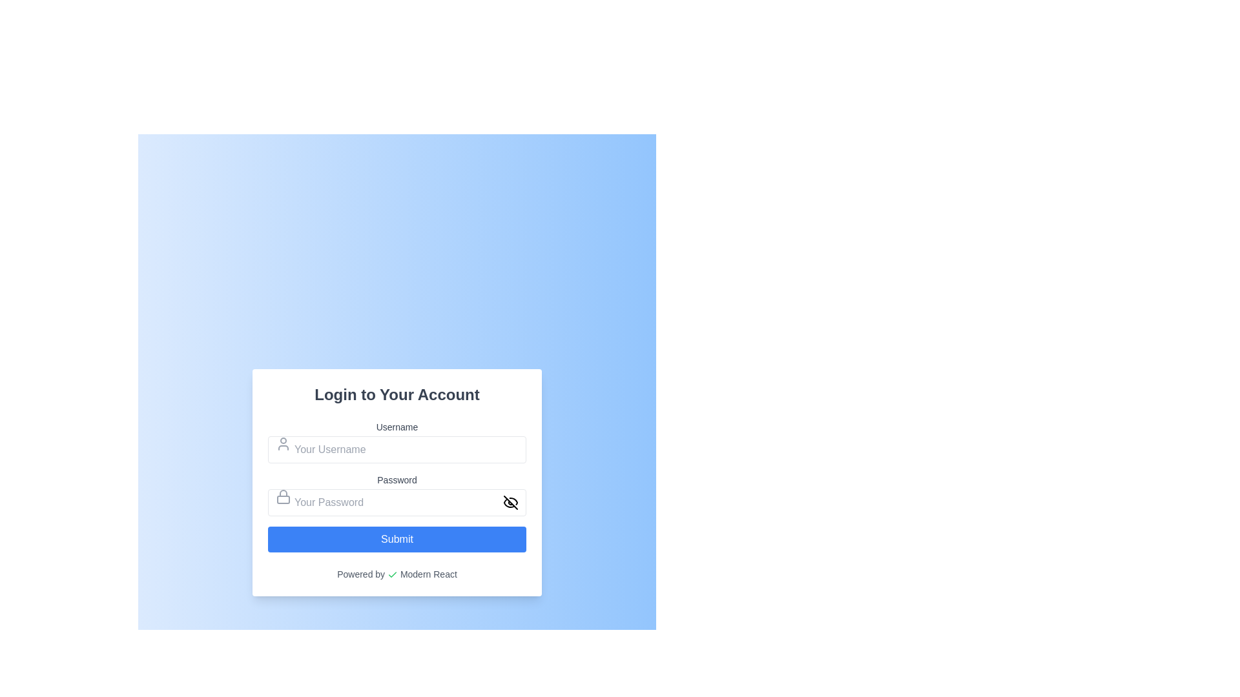 This screenshot has height=697, width=1240. I want to click on the 'Username' text label which is styled with a smaller font and gray coloring, positioned above the username input area in the login form, so click(396, 427).